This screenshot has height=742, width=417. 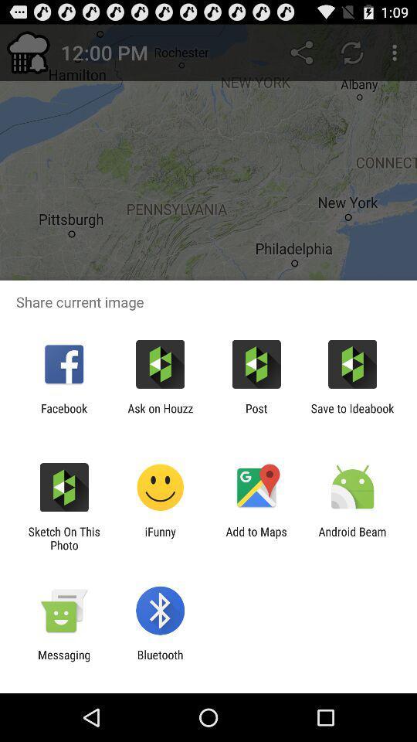 I want to click on item next to the android beam, so click(x=256, y=538).